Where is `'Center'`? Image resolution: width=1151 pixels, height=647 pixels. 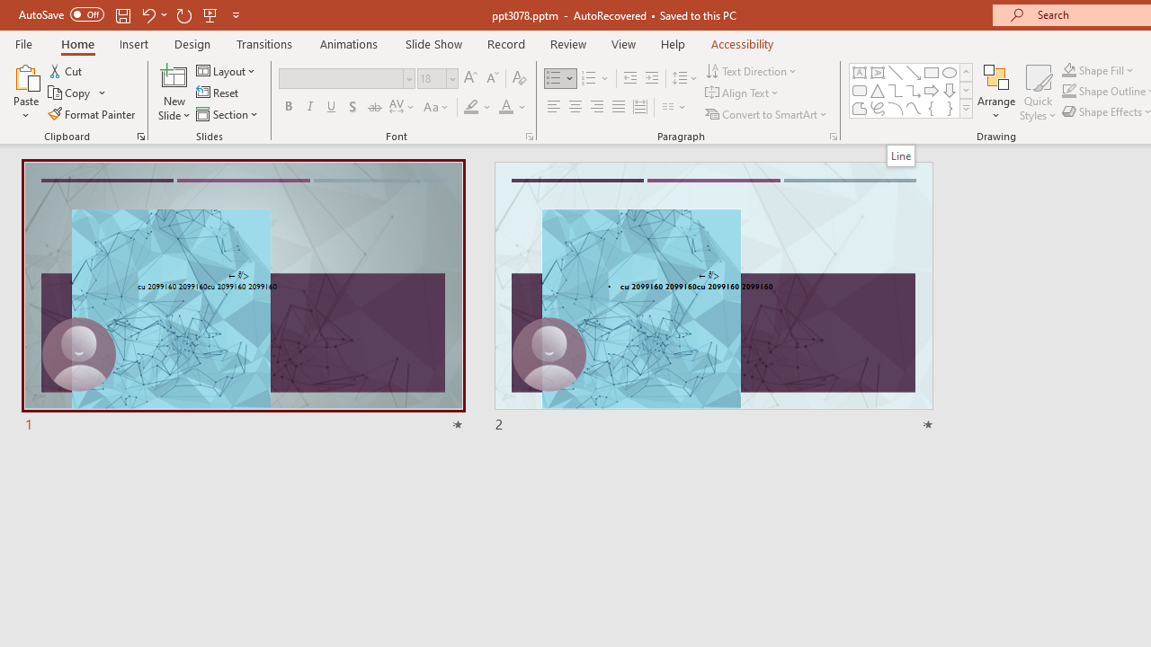 'Center' is located at coordinates (575, 107).